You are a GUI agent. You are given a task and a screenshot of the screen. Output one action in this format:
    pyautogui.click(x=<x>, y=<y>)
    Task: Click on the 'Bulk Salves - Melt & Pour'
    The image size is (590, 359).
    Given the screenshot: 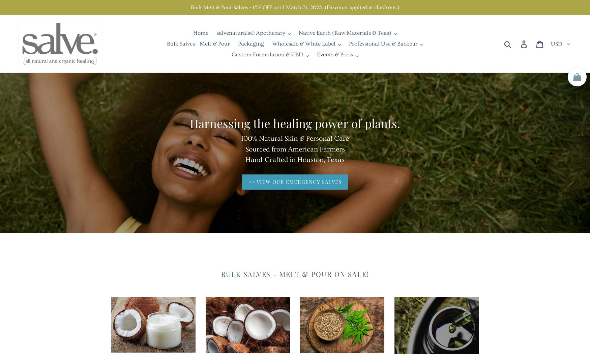 What is the action you would take?
    pyautogui.click(x=167, y=44)
    